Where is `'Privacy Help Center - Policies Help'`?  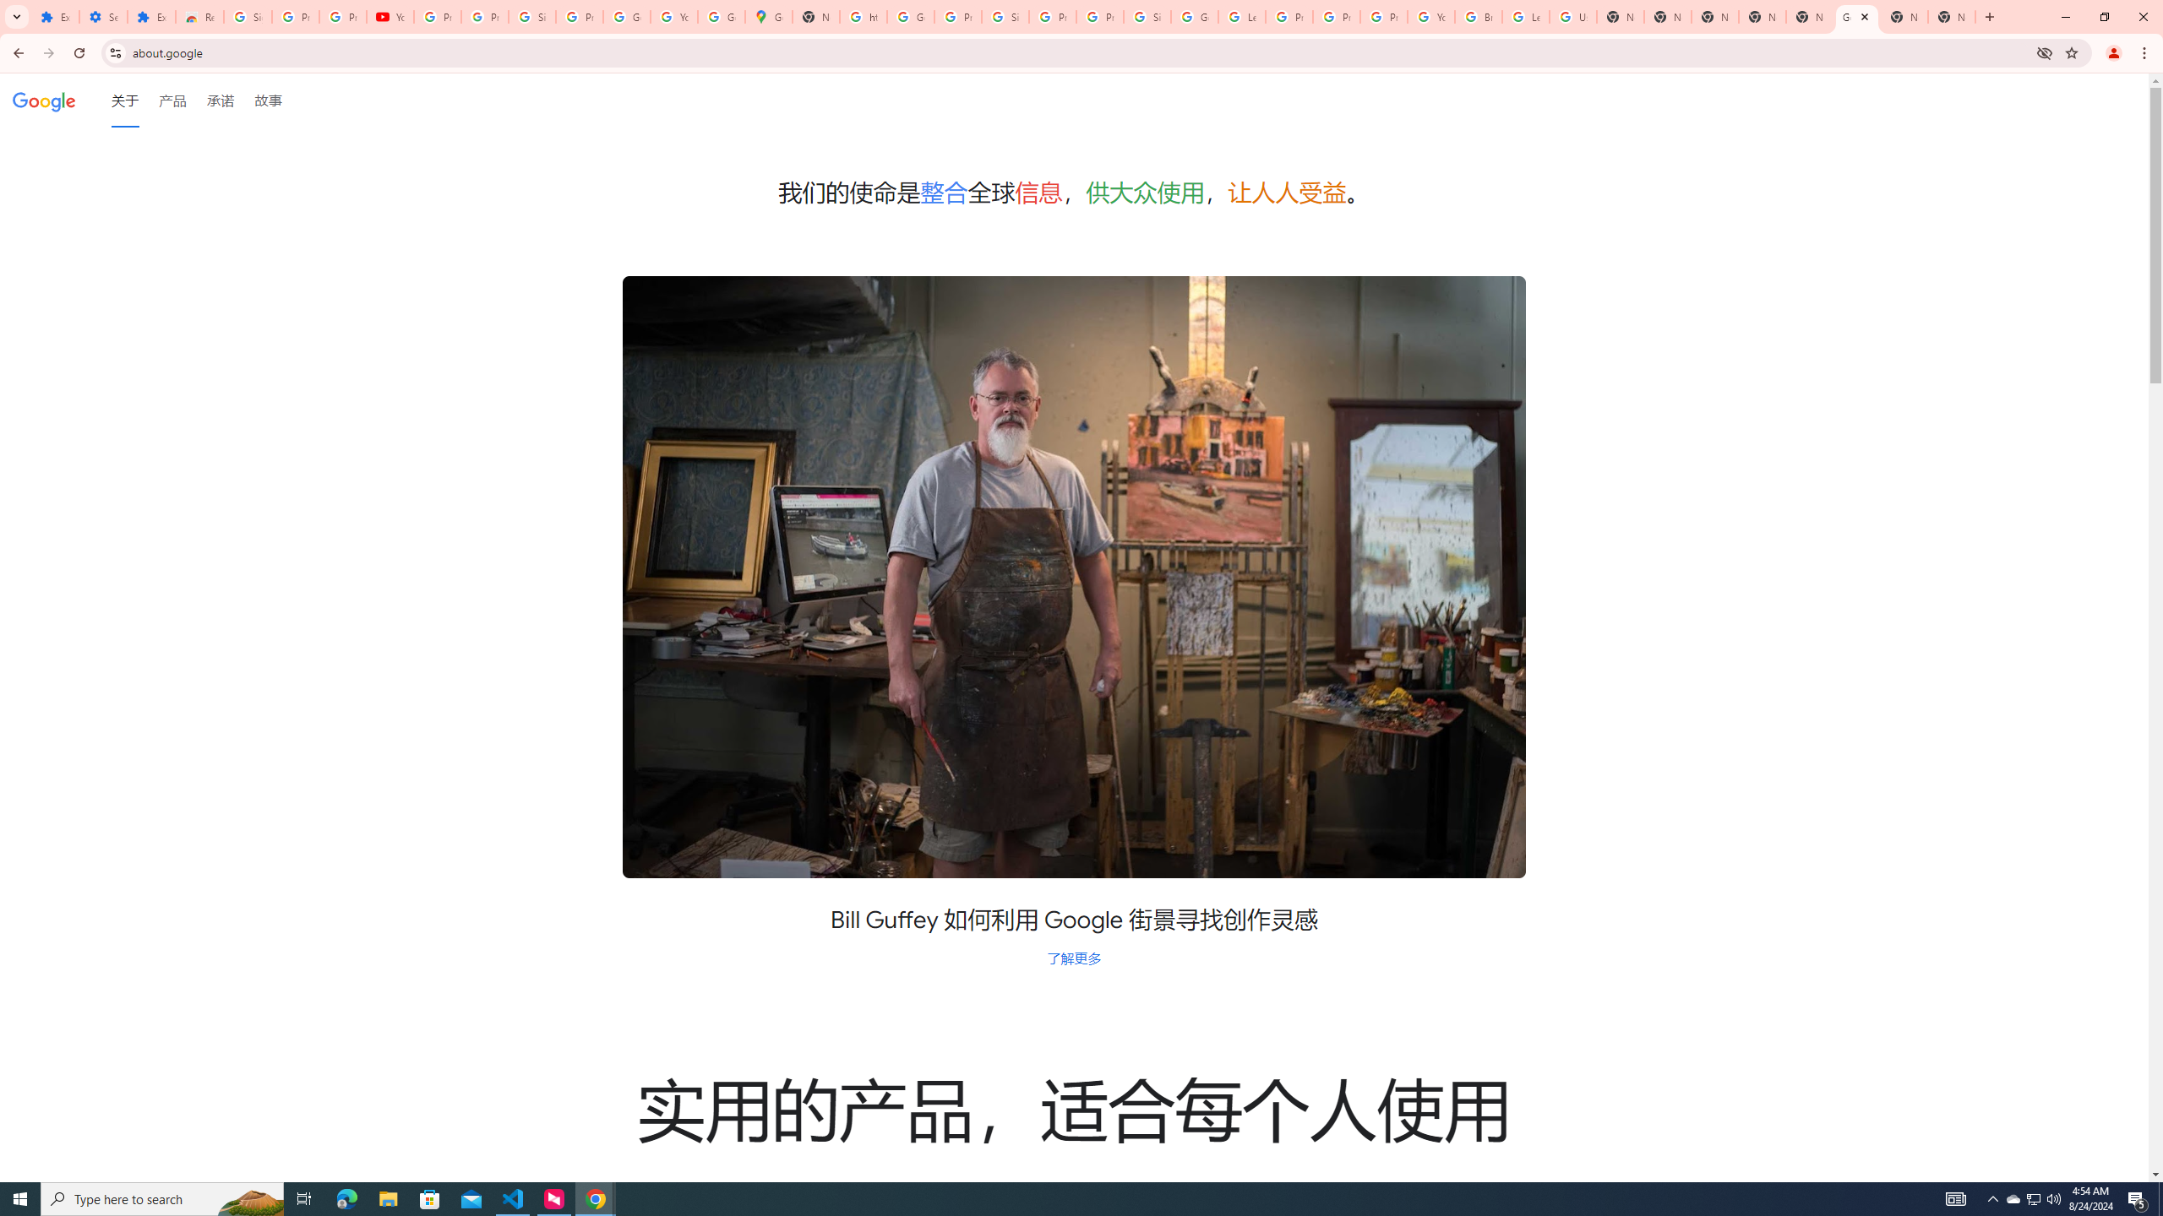
'Privacy Help Center - Policies Help' is located at coordinates (1289, 16).